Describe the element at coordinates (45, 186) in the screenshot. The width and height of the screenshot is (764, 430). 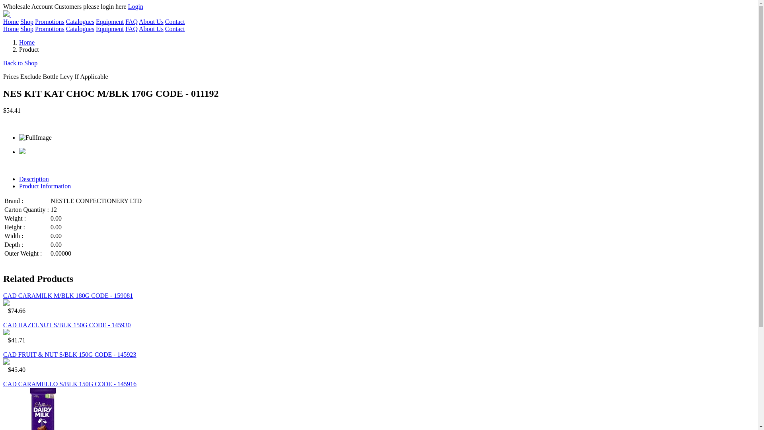
I see `'Product Information'` at that location.